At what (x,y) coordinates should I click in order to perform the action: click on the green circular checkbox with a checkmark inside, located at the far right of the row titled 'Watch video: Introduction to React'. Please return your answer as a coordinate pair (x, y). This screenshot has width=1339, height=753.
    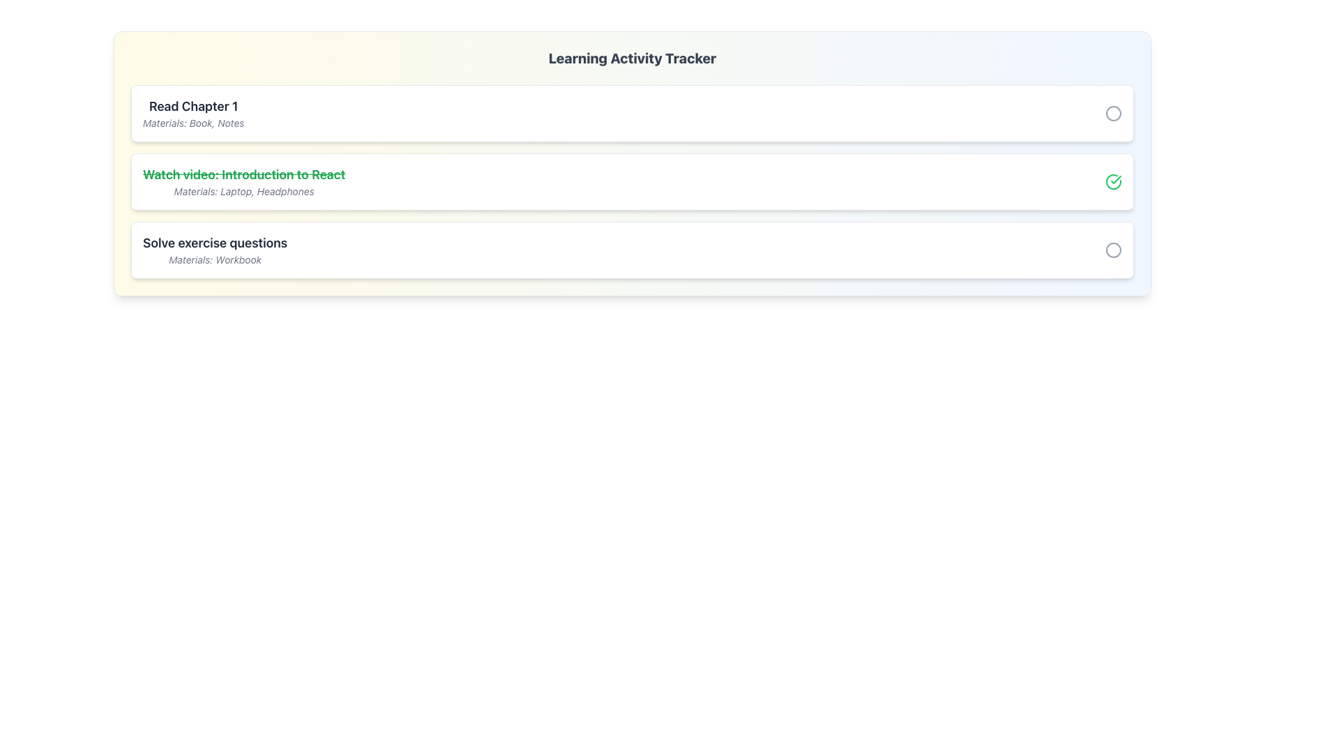
    Looking at the image, I should click on (1113, 181).